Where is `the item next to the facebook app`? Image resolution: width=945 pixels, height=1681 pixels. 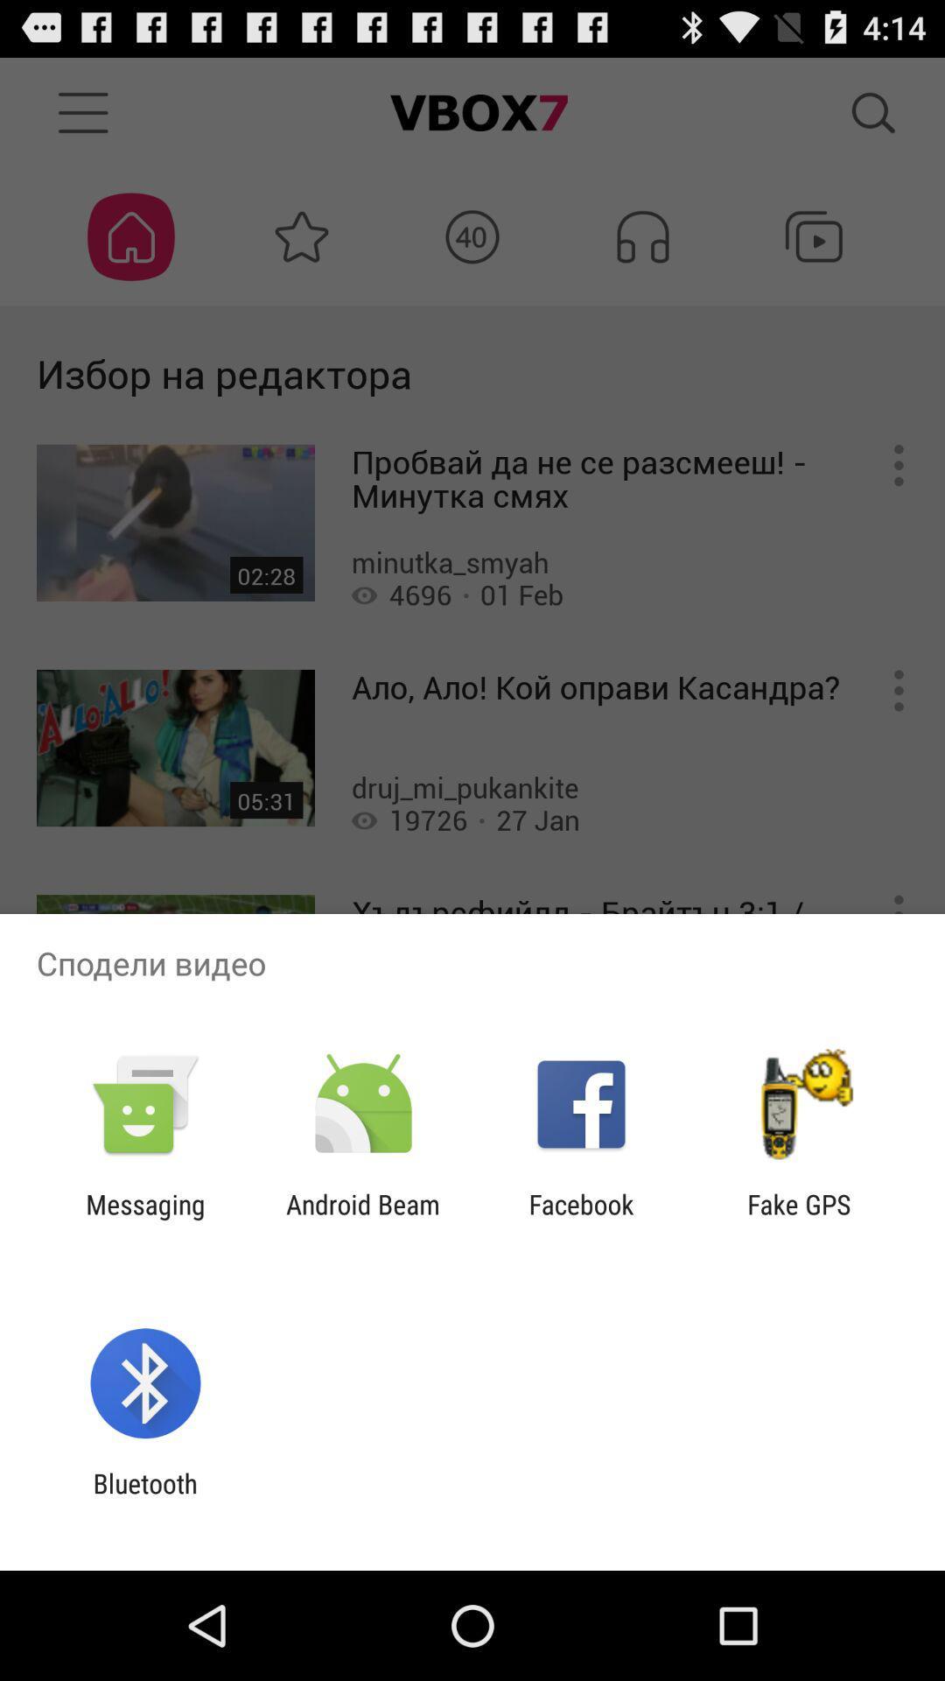 the item next to the facebook app is located at coordinates (799, 1219).